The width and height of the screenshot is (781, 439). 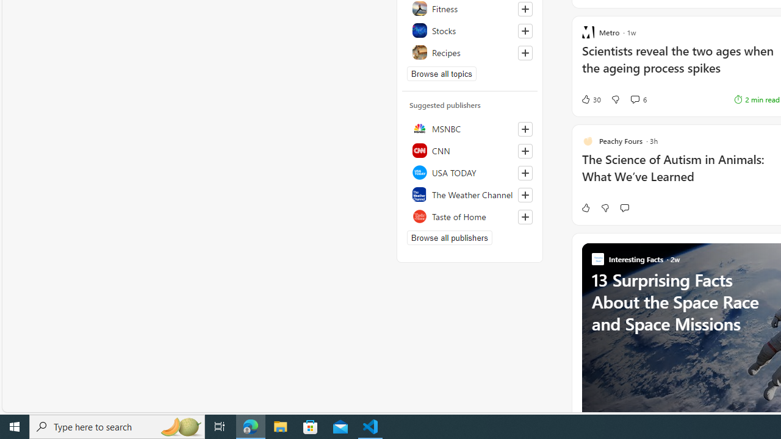 I want to click on 'Browse all topics', so click(x=441, y=73).